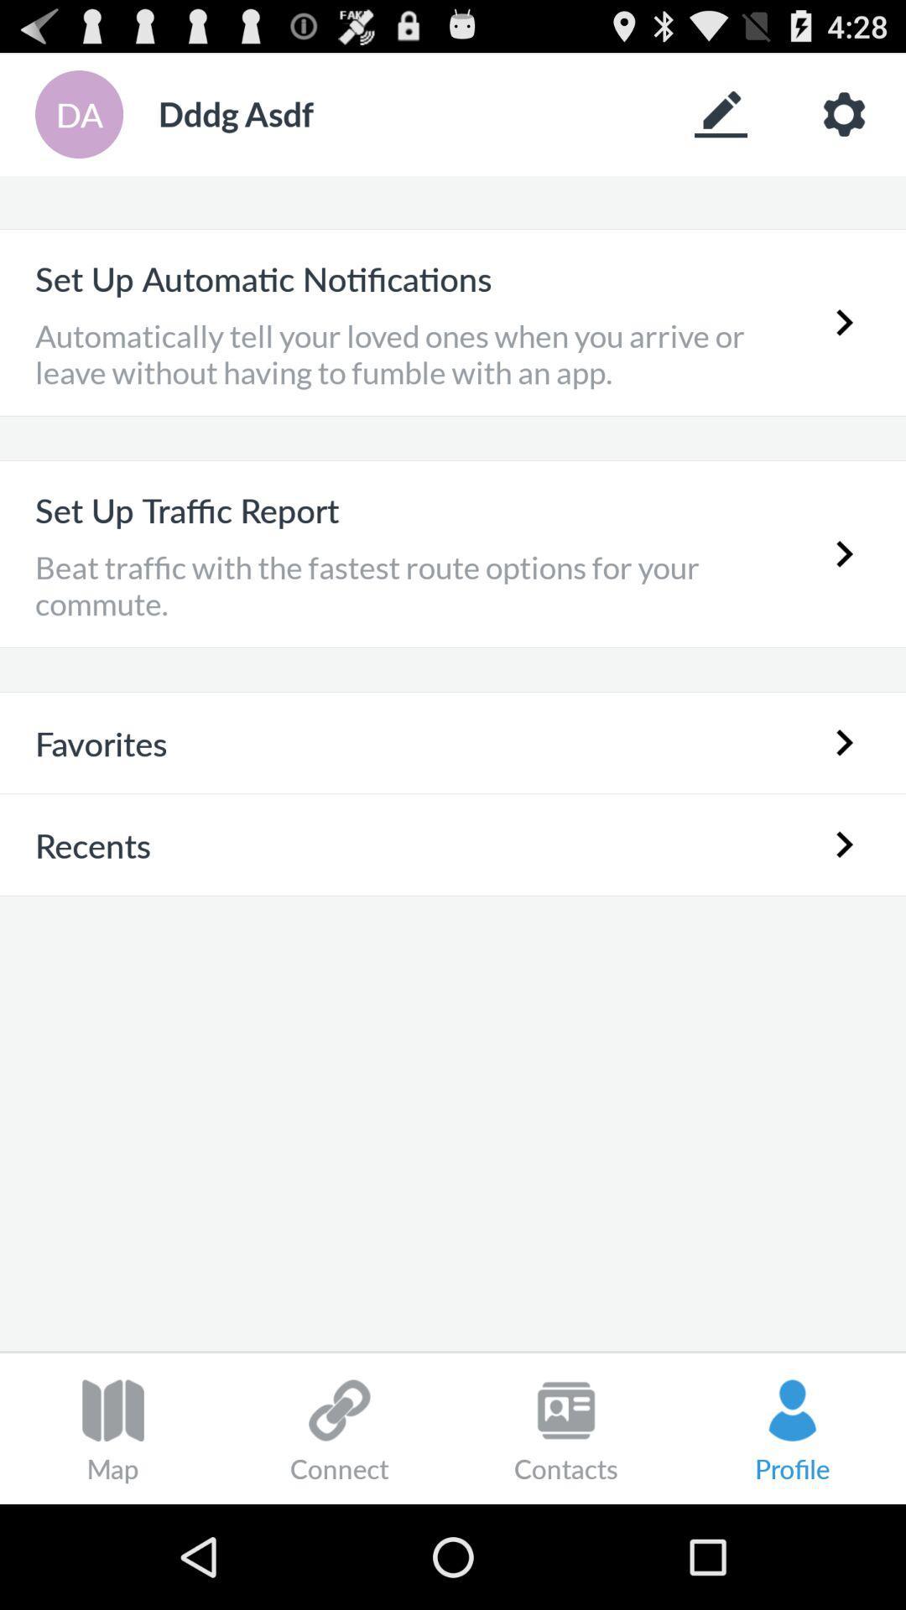 Image resolution: width=906 pixels, height=1610 pixels. Describe the element at coordinates (844, 122) in the screenshot. I see `the settings icon` at that location.